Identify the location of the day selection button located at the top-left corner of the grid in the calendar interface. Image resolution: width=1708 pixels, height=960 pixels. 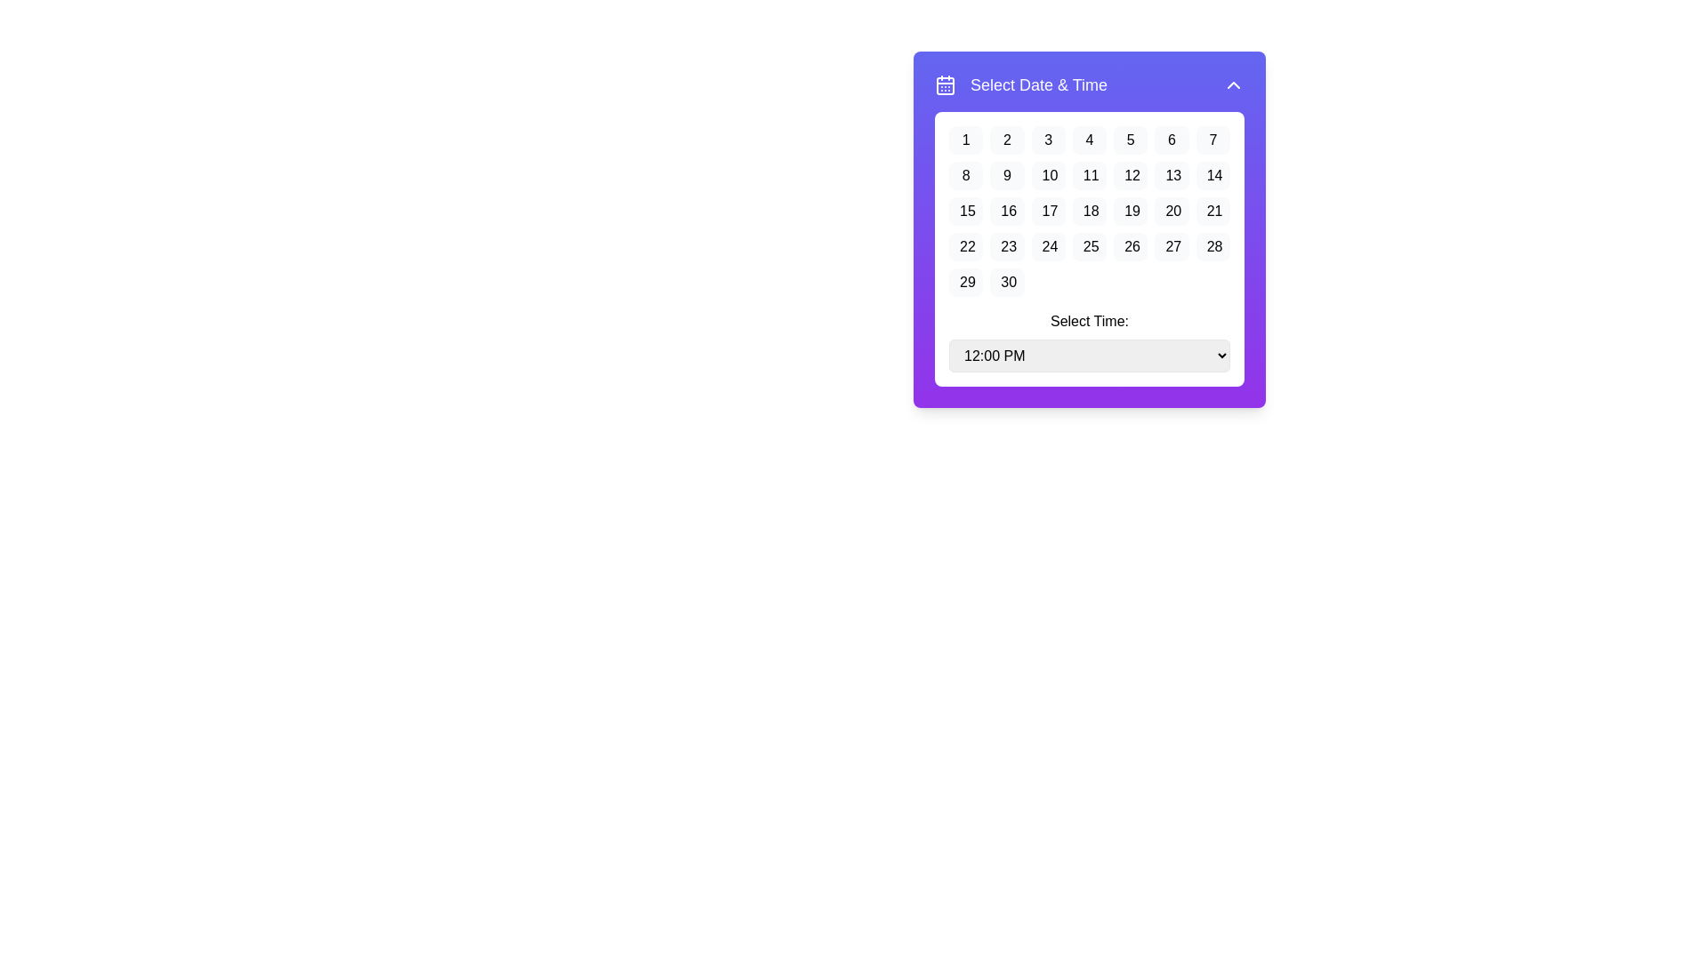
(965, 140).